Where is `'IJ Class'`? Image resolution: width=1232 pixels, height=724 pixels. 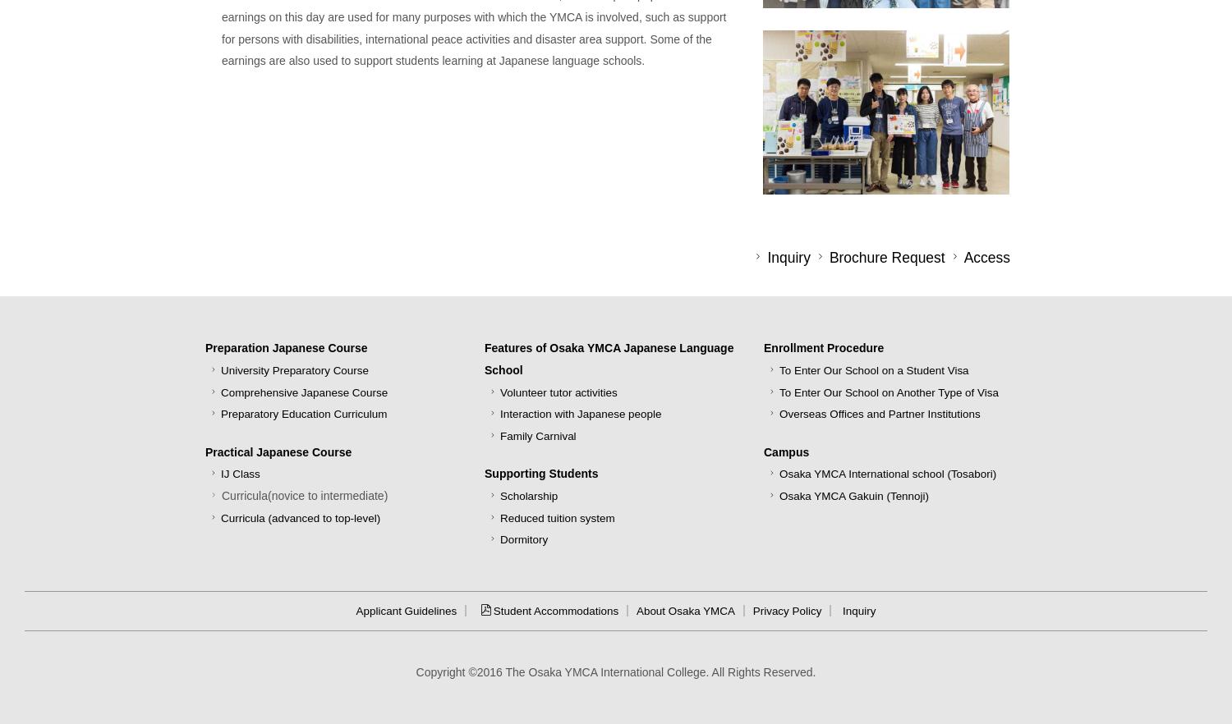 'IJ Class' is located at coordinates (240, 474).